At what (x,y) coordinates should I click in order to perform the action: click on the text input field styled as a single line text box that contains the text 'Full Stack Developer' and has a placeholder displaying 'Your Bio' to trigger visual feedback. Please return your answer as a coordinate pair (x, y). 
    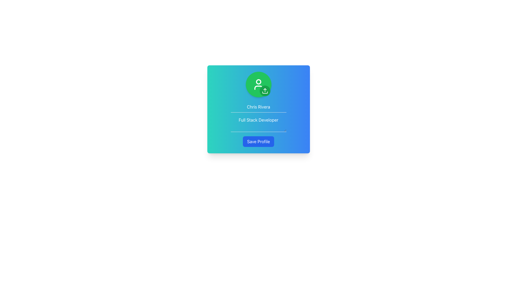
    Looking at the image, I should click on (258, 123).